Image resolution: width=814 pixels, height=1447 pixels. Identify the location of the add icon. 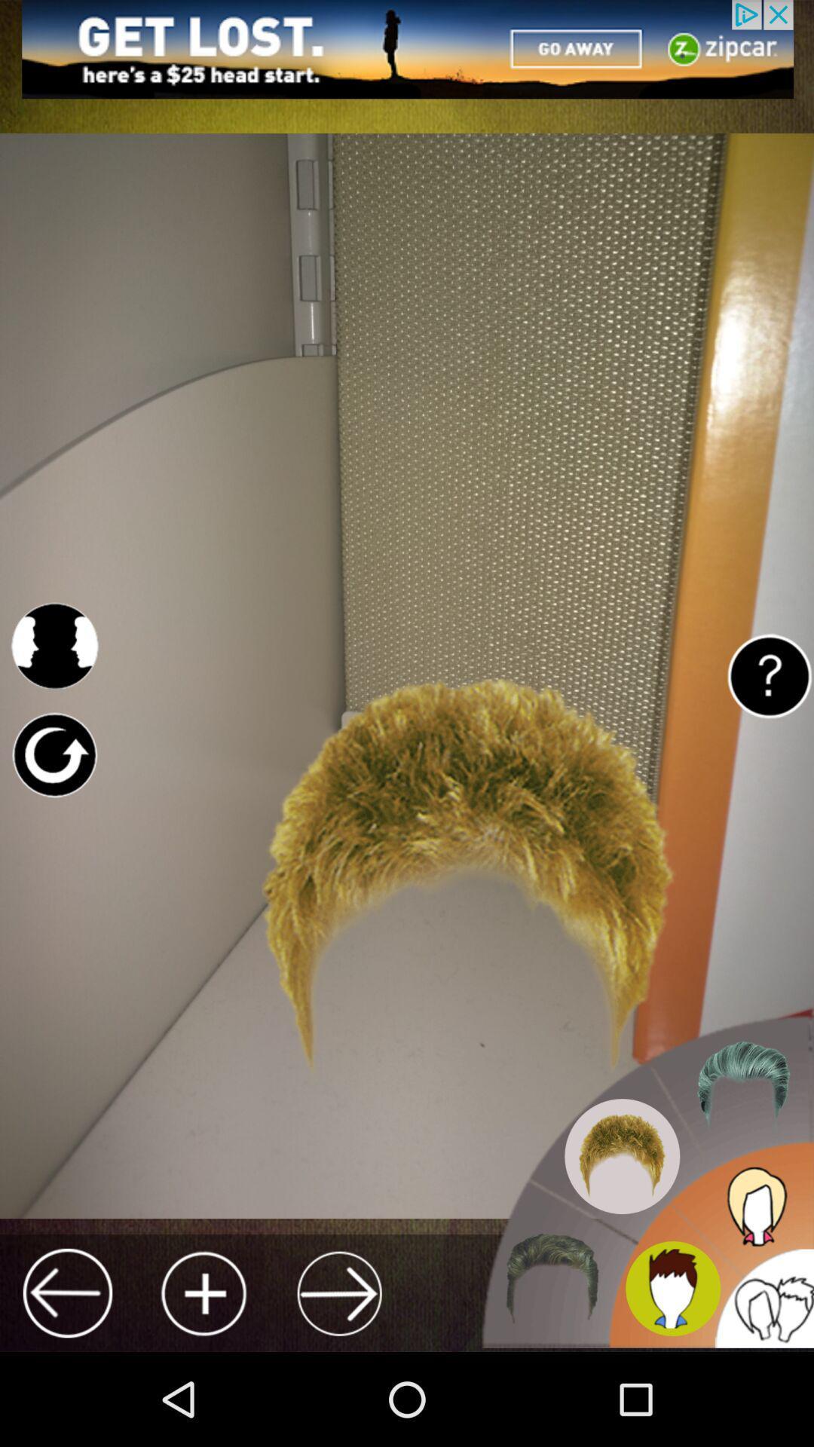
(203, 1384).